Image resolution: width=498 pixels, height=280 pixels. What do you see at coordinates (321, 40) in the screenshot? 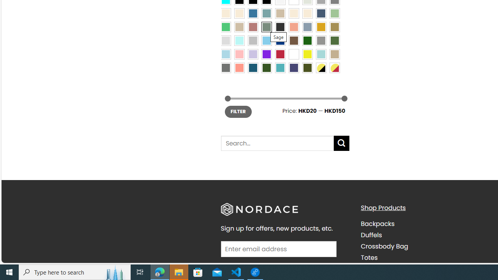
I see `'Gray'` at bounding box center [321, 40].